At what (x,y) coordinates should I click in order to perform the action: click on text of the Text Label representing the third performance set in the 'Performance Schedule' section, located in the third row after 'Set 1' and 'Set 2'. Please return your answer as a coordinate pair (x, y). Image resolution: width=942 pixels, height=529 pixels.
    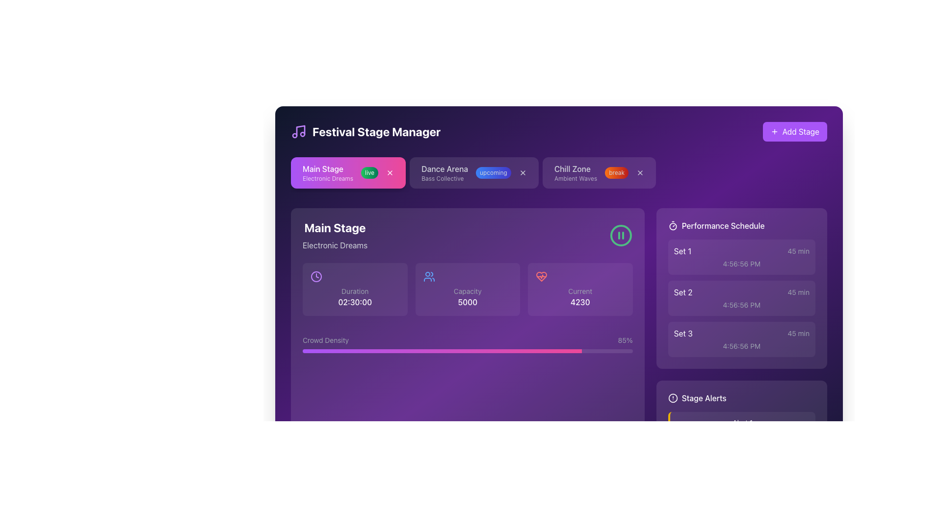
    Looking at the image, I should click on (682, 333).